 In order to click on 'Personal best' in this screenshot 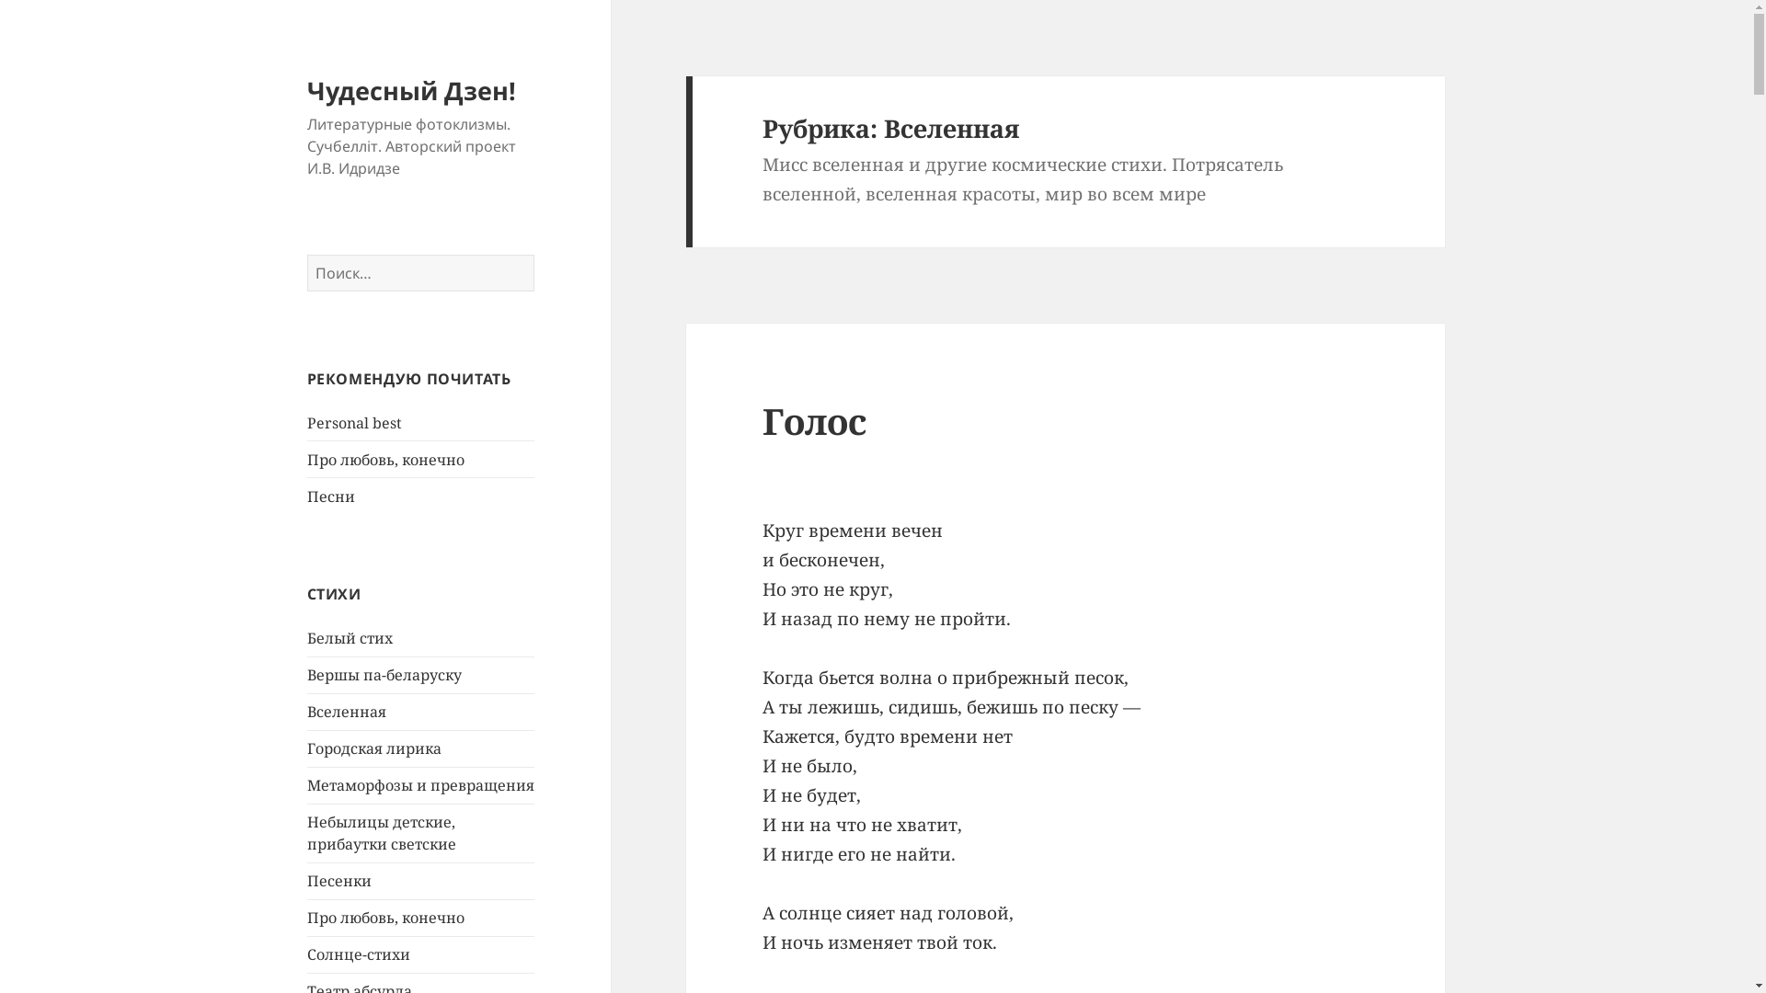, I will do `click(307, 422)`.